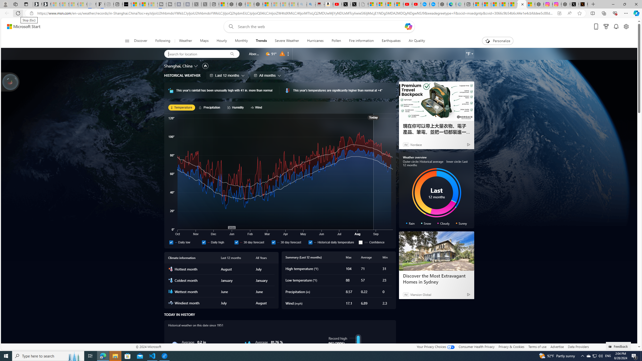 The image size is (642, 361). What do you see at coordinates (31, 13) in the screenshot?
I see `'View site information'` at bounding box center [31, 13].